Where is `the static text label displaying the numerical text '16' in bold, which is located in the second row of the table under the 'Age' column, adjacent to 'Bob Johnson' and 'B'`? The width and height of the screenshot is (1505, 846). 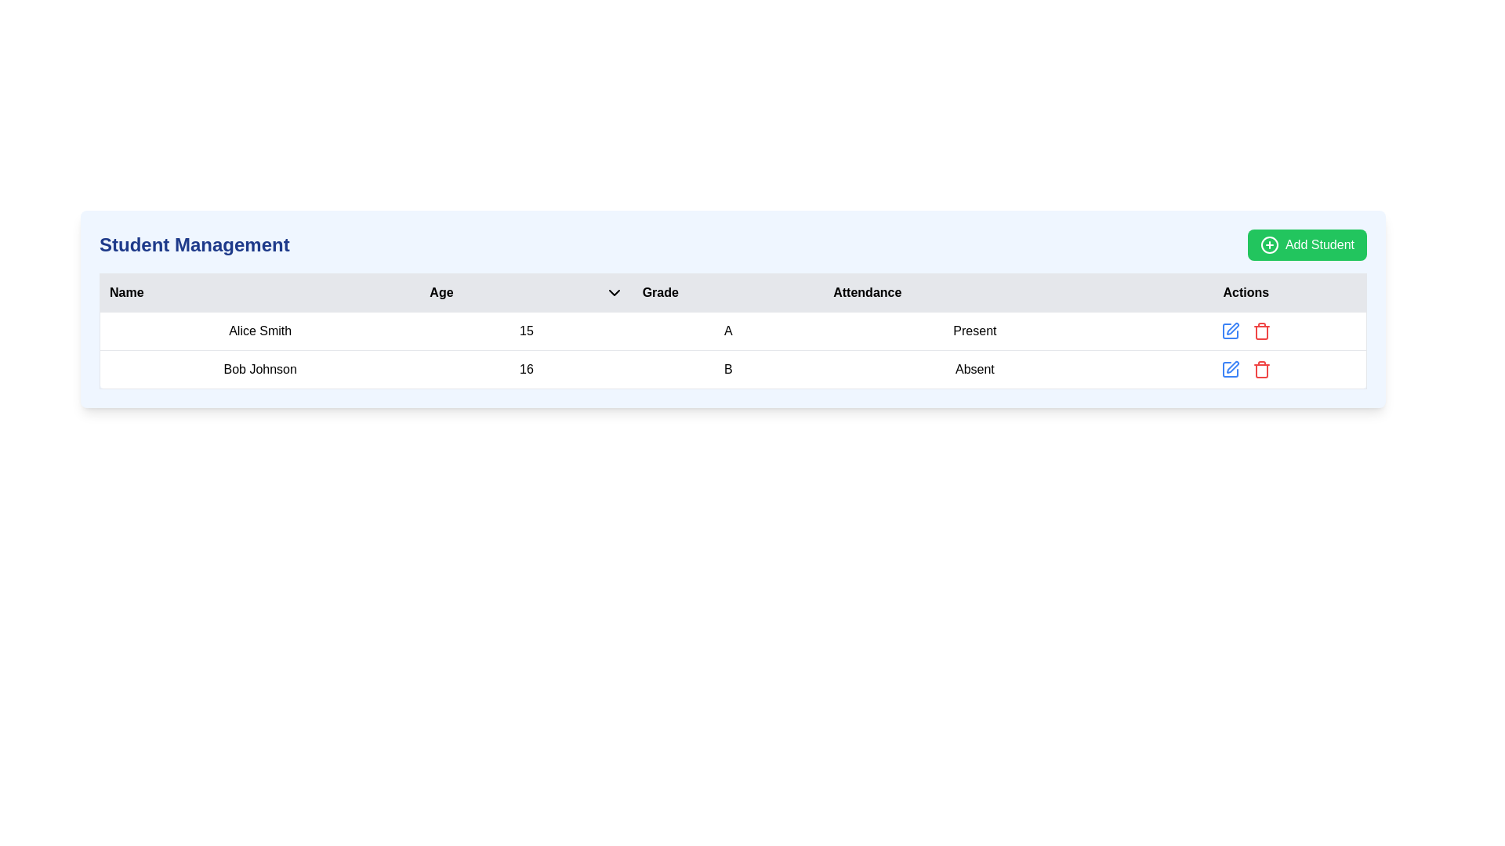 the static text label displaying the numerical text '16' in bold, which is located in the second row of the table under the 'Age' column, adjacent to 'Bob Johnson' and 'B' is located at coordinates (527, 369).